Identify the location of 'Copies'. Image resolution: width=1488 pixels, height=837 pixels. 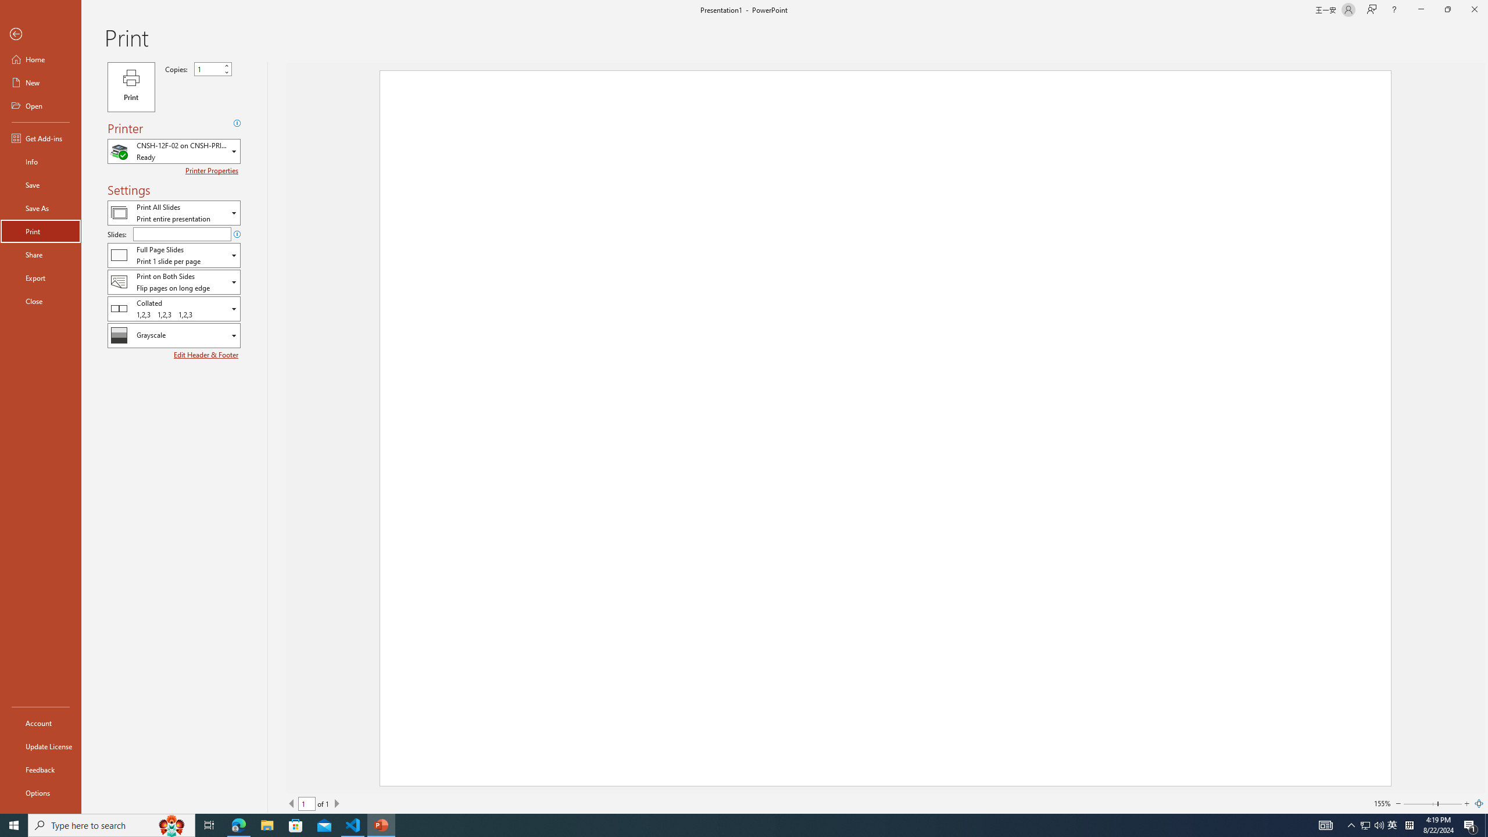
(213, 69).